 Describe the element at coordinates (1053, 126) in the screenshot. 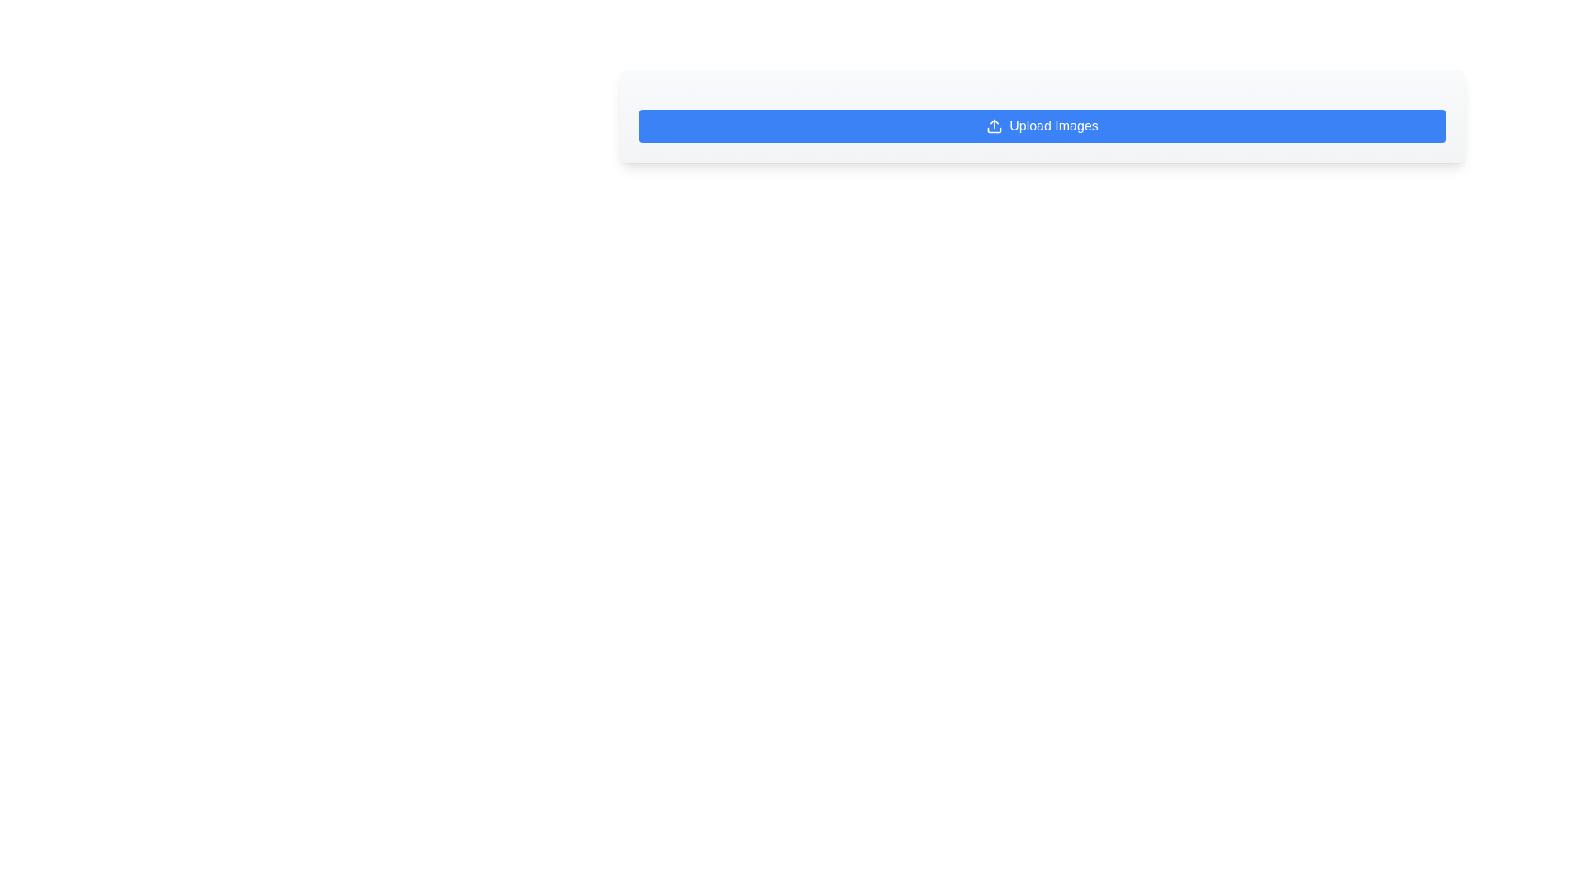

I see `the text label that indicates the purpose of the upload button, located to the right of the upload icon in the center-right section of the blue rectangular button` at that location.